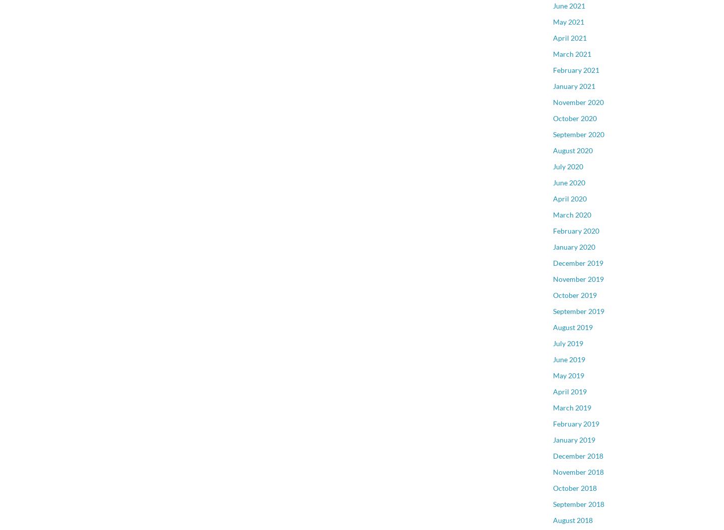  What do you see at coordinates (609, 150) in the screenshot?
I see `'Sunnyside Park Surrey, South Surrey White Rock'` at bounding box center [609, 150].